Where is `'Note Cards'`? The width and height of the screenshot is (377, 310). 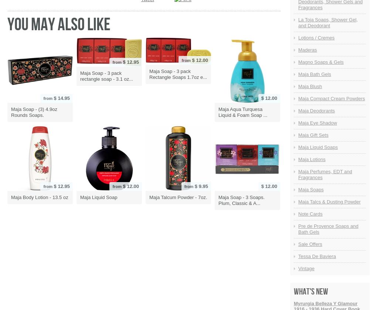
'Note Cards' is located at coordinates (310, 213).